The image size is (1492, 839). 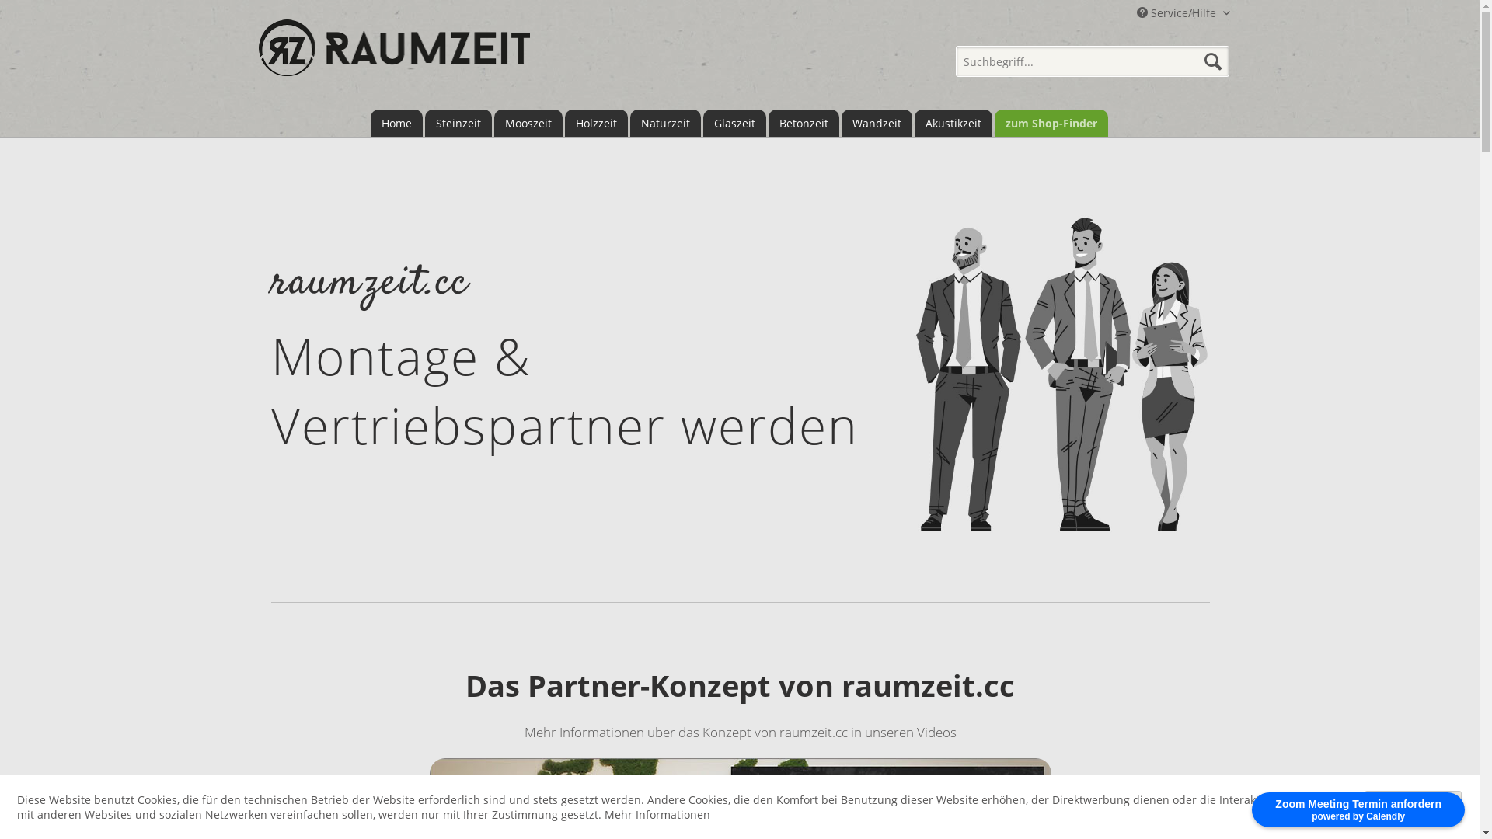 I want to click on 'Mooszeit', so click(x=528, y=122).